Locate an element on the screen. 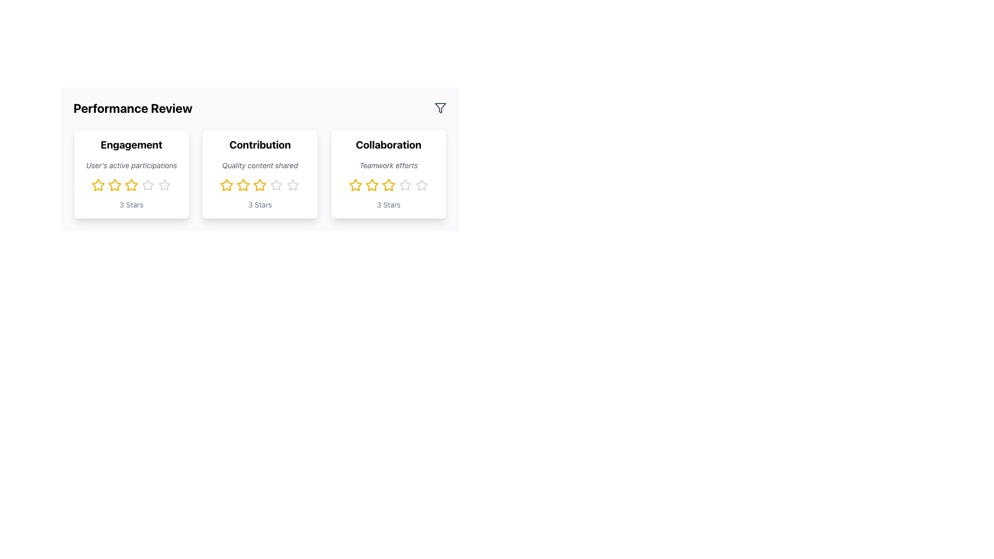 The height and width of the screenshot is (559, 994). the third star icon in the Engagement performance rating card that indicates the user's active participations is located at coordinates (115, 185).